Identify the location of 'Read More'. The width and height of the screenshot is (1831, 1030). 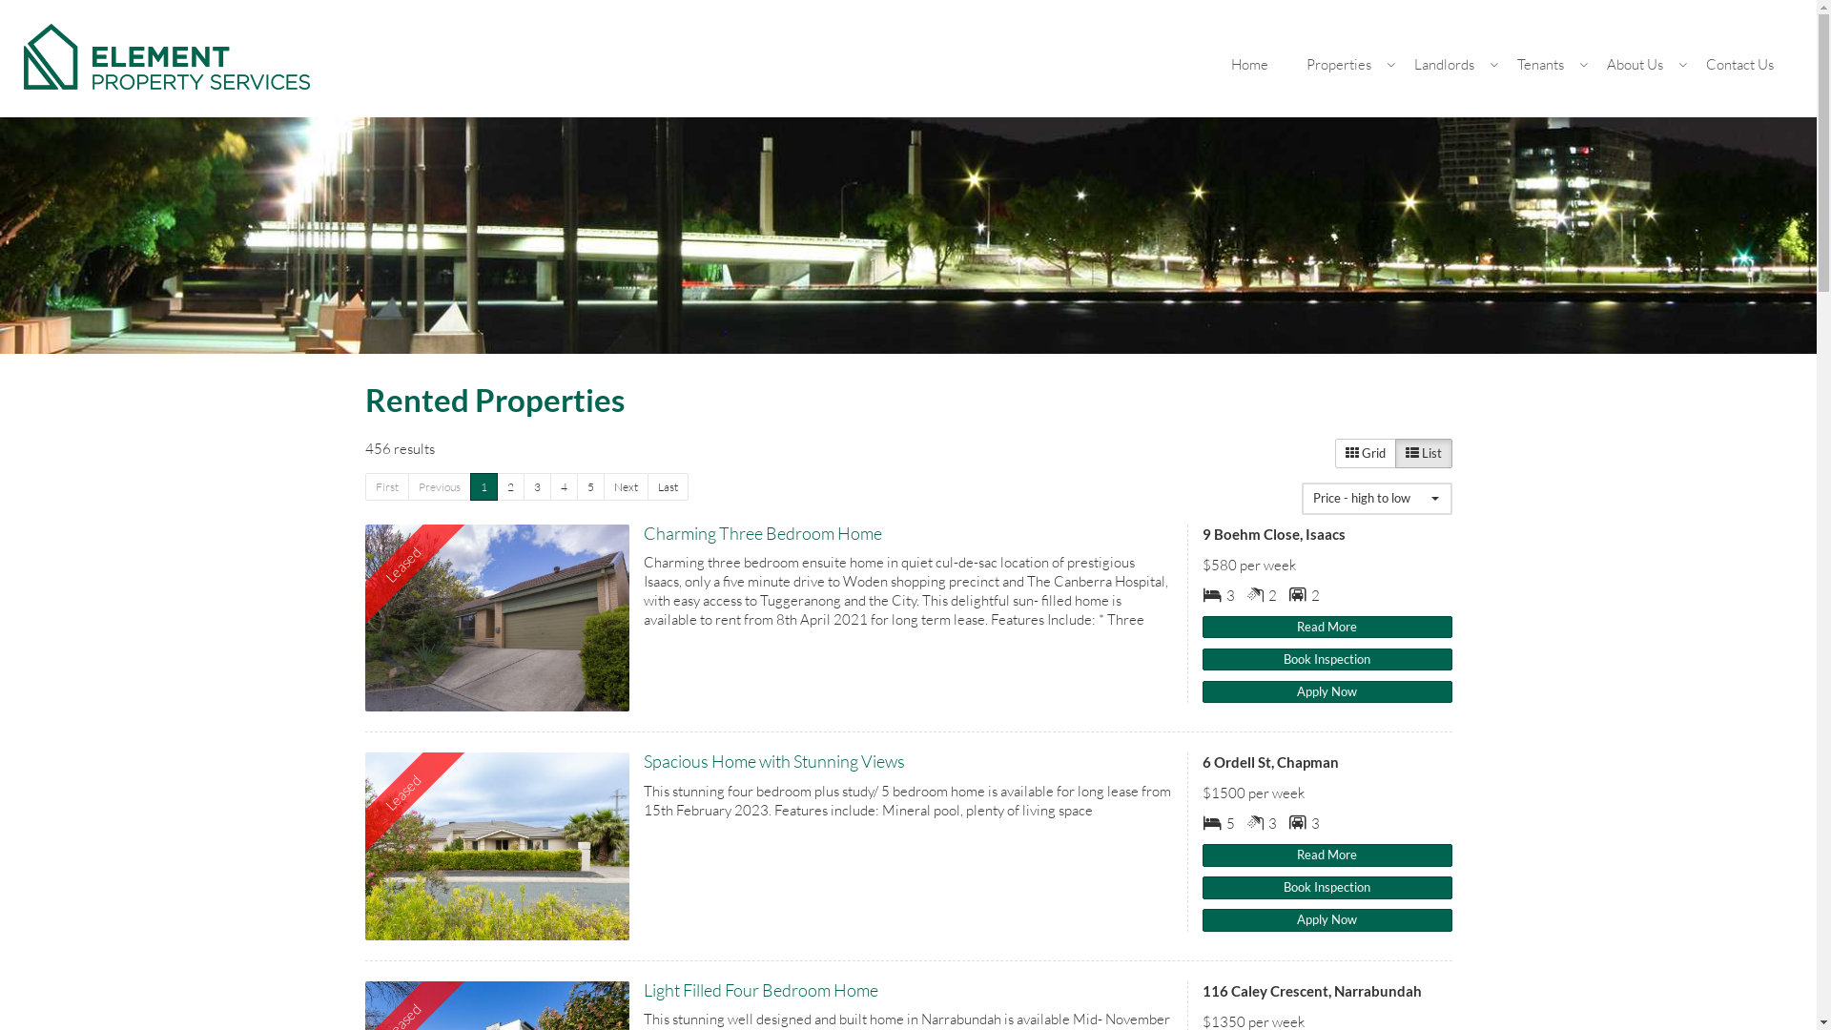
(1202, 628).